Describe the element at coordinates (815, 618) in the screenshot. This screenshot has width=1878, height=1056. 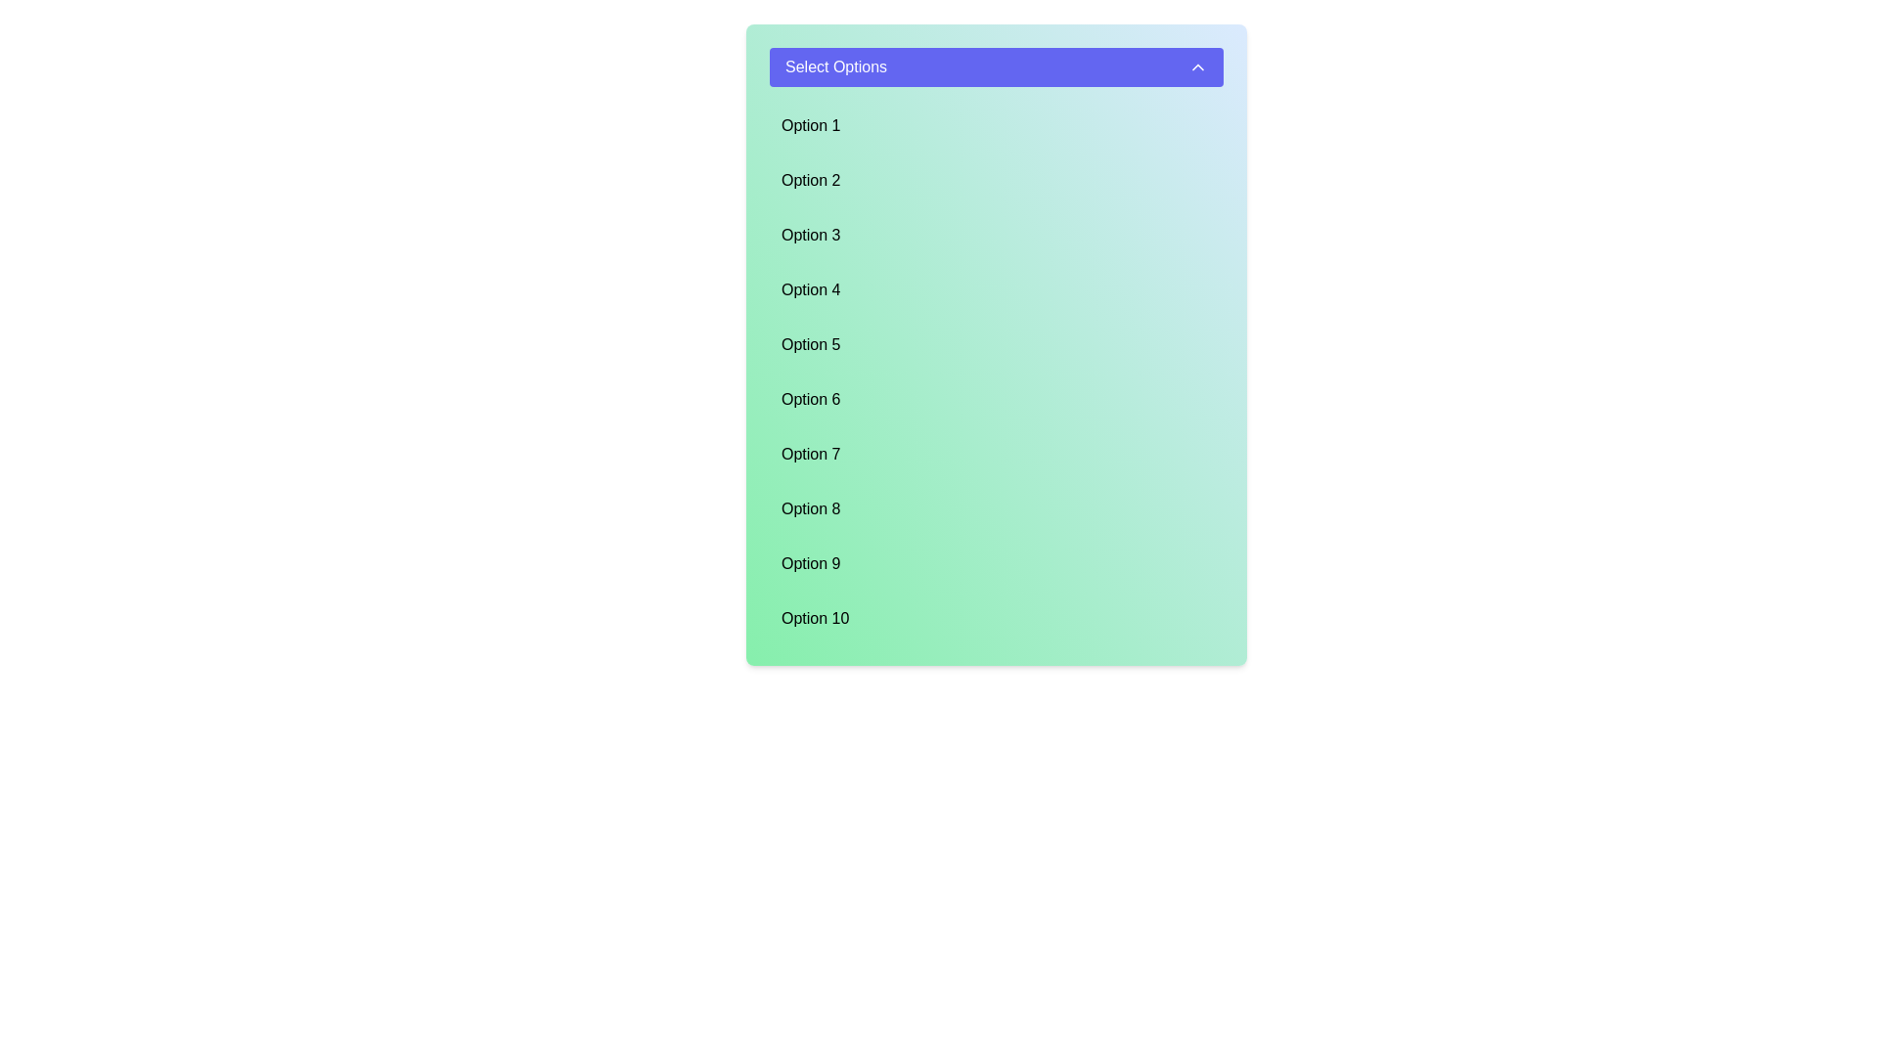
I see `the text label reading 'Option 10' located at the bottom center of the green rectangular dropdown menu` at that location.